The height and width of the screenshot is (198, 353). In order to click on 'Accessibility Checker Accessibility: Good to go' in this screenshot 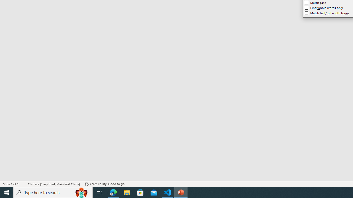, I will do `click(105, 184)`.